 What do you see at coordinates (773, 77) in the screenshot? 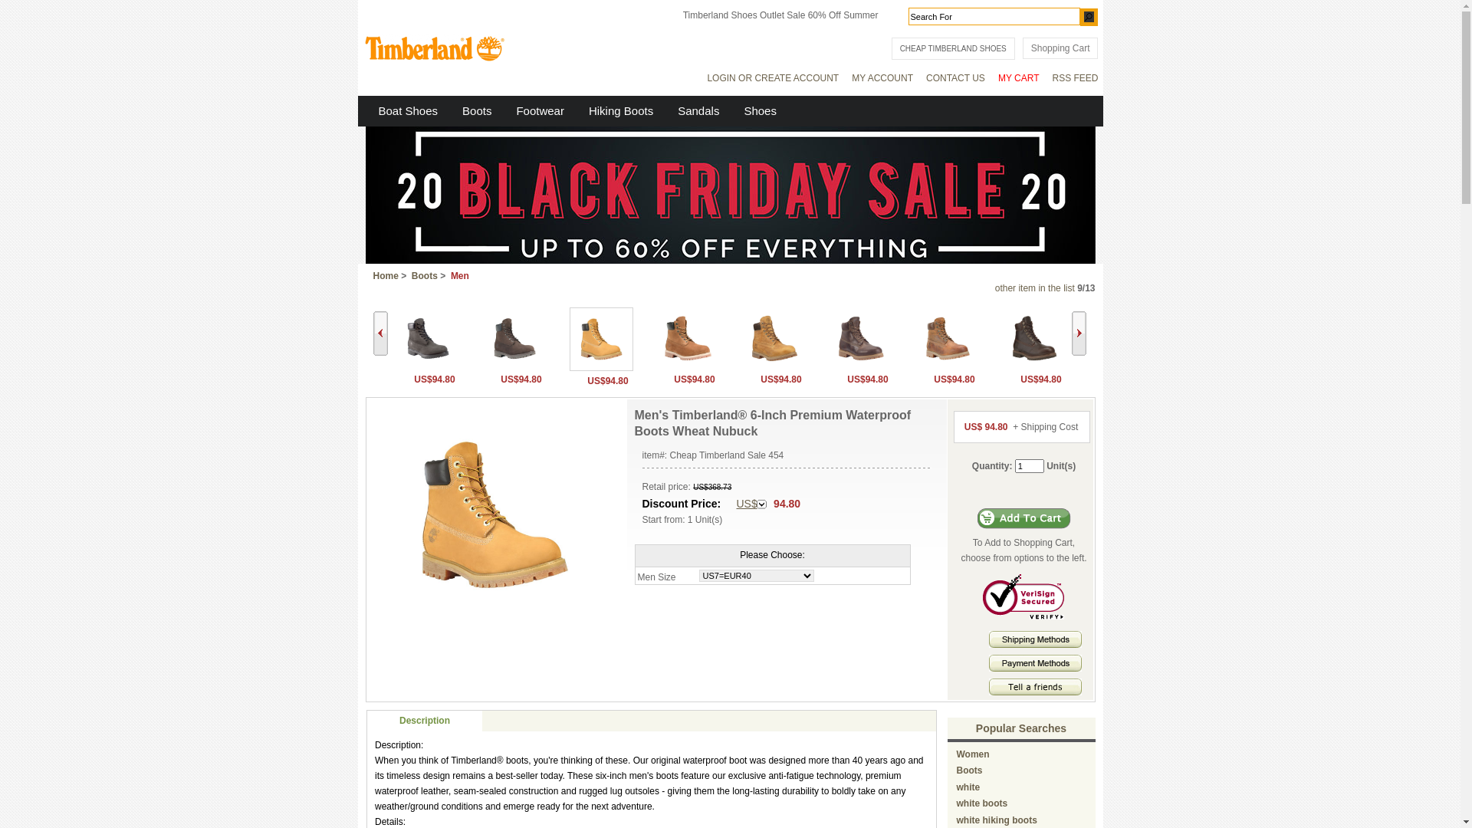
I see `'LOGIN OR CREATE ACCOUNT'` at bounding box center [773, 77].